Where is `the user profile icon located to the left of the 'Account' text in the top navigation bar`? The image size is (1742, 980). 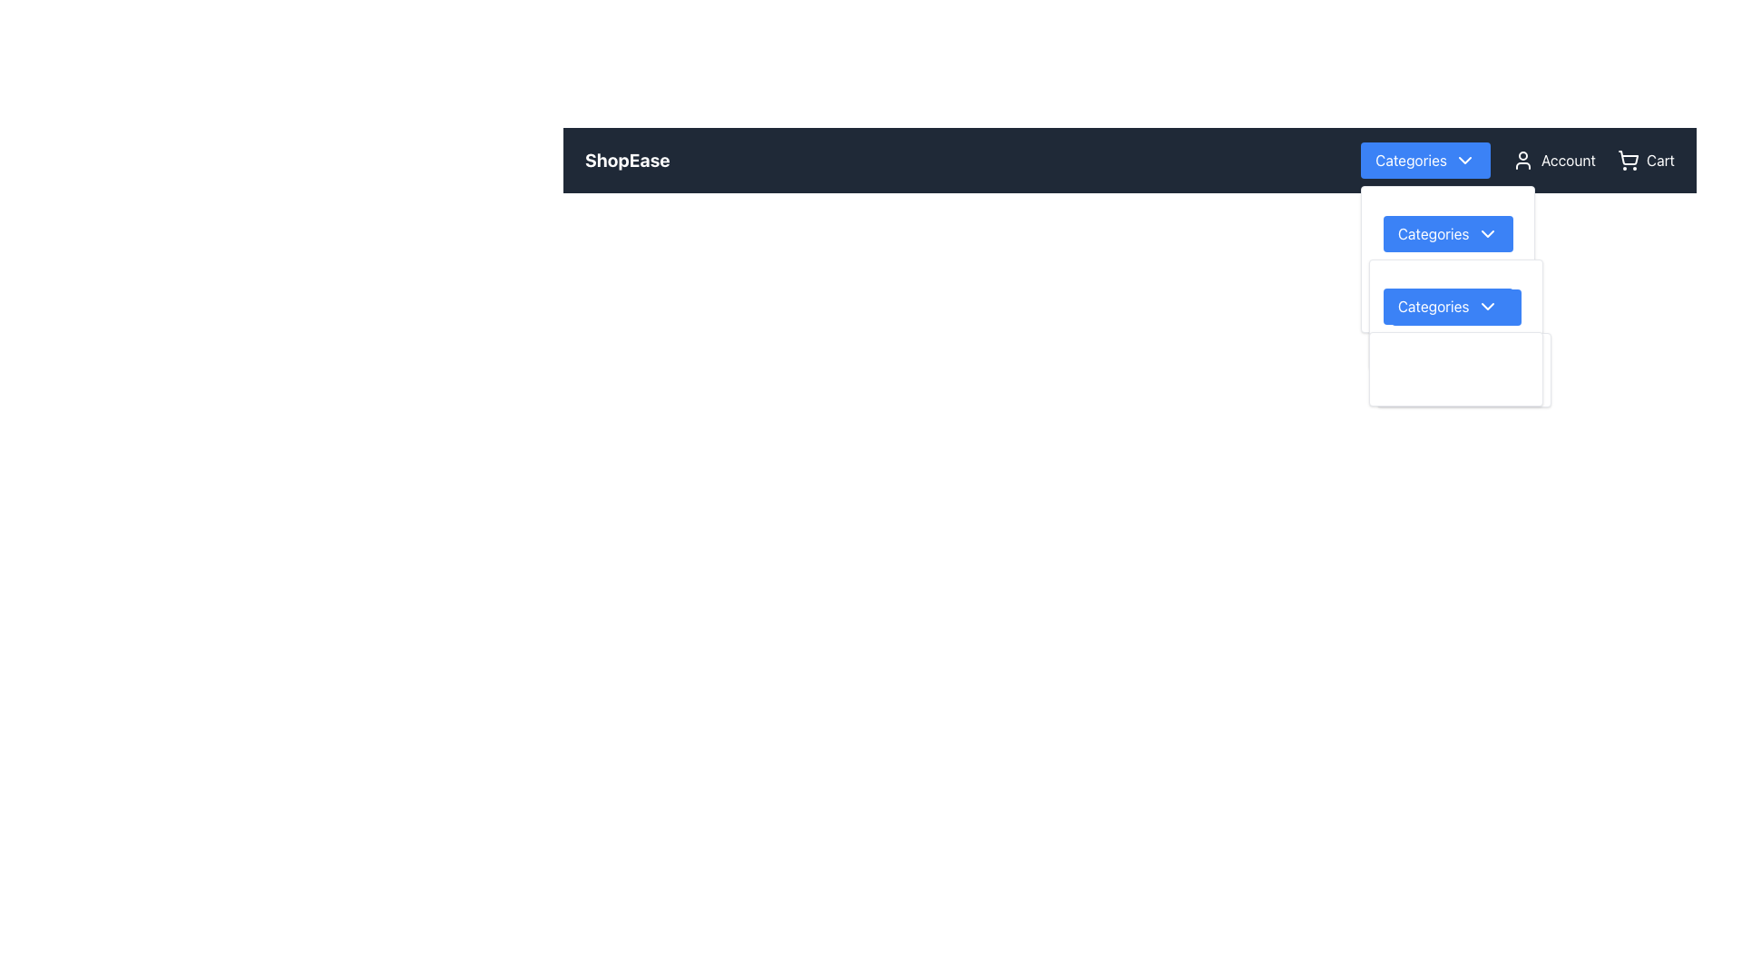 the user profile icon located to the left of the 'Account' text in the top navigation bar is located at coordinates (1522, 160).